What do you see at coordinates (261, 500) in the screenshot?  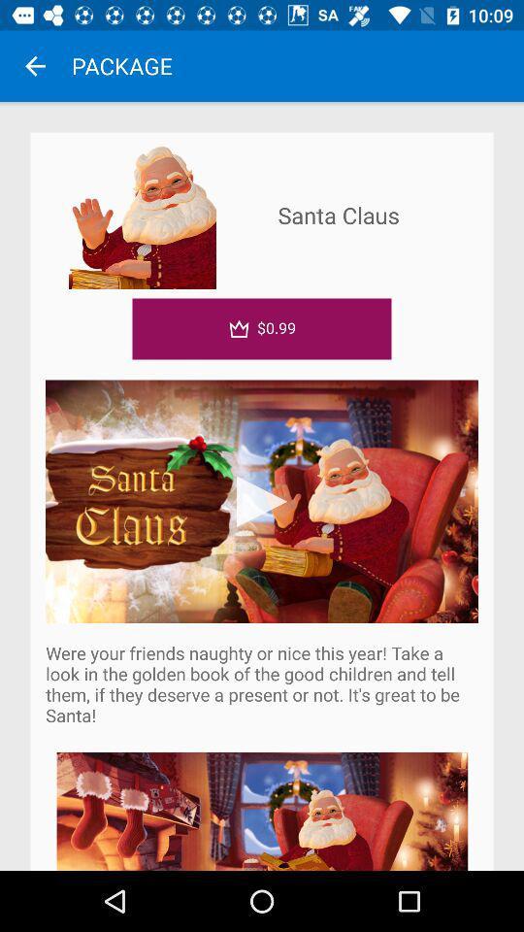 I see `item above were your friends` at bounding box center [261, 500].